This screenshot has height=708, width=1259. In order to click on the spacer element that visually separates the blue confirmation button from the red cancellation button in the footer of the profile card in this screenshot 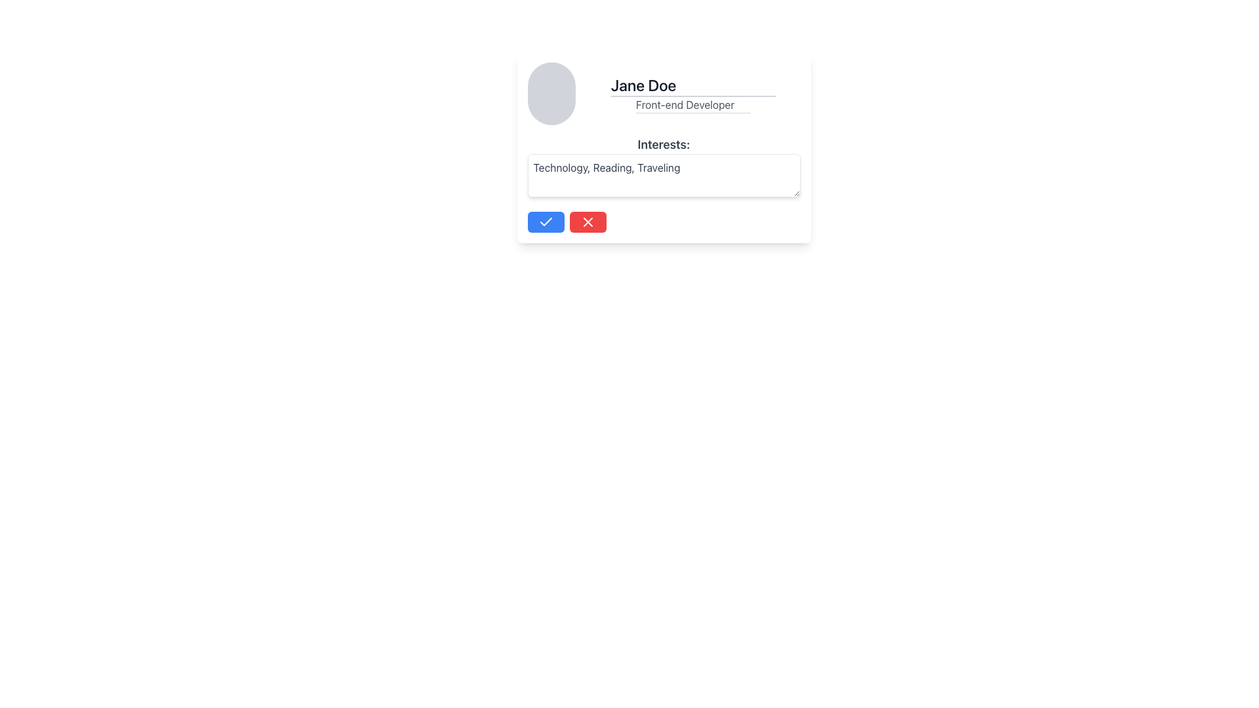, I will do `click(664, 222)`.